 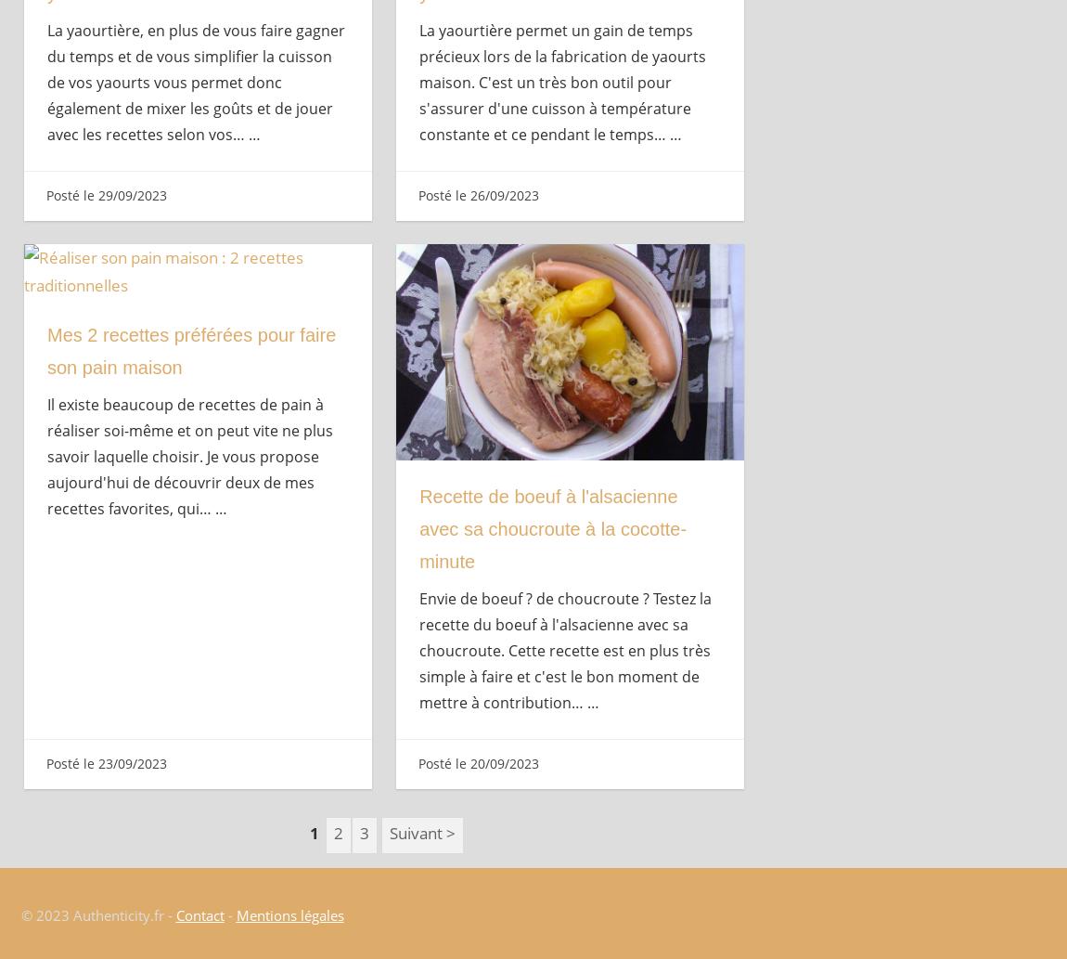 I want to click on 'Posté le 26/09/2023', so click(x=477, y=194).